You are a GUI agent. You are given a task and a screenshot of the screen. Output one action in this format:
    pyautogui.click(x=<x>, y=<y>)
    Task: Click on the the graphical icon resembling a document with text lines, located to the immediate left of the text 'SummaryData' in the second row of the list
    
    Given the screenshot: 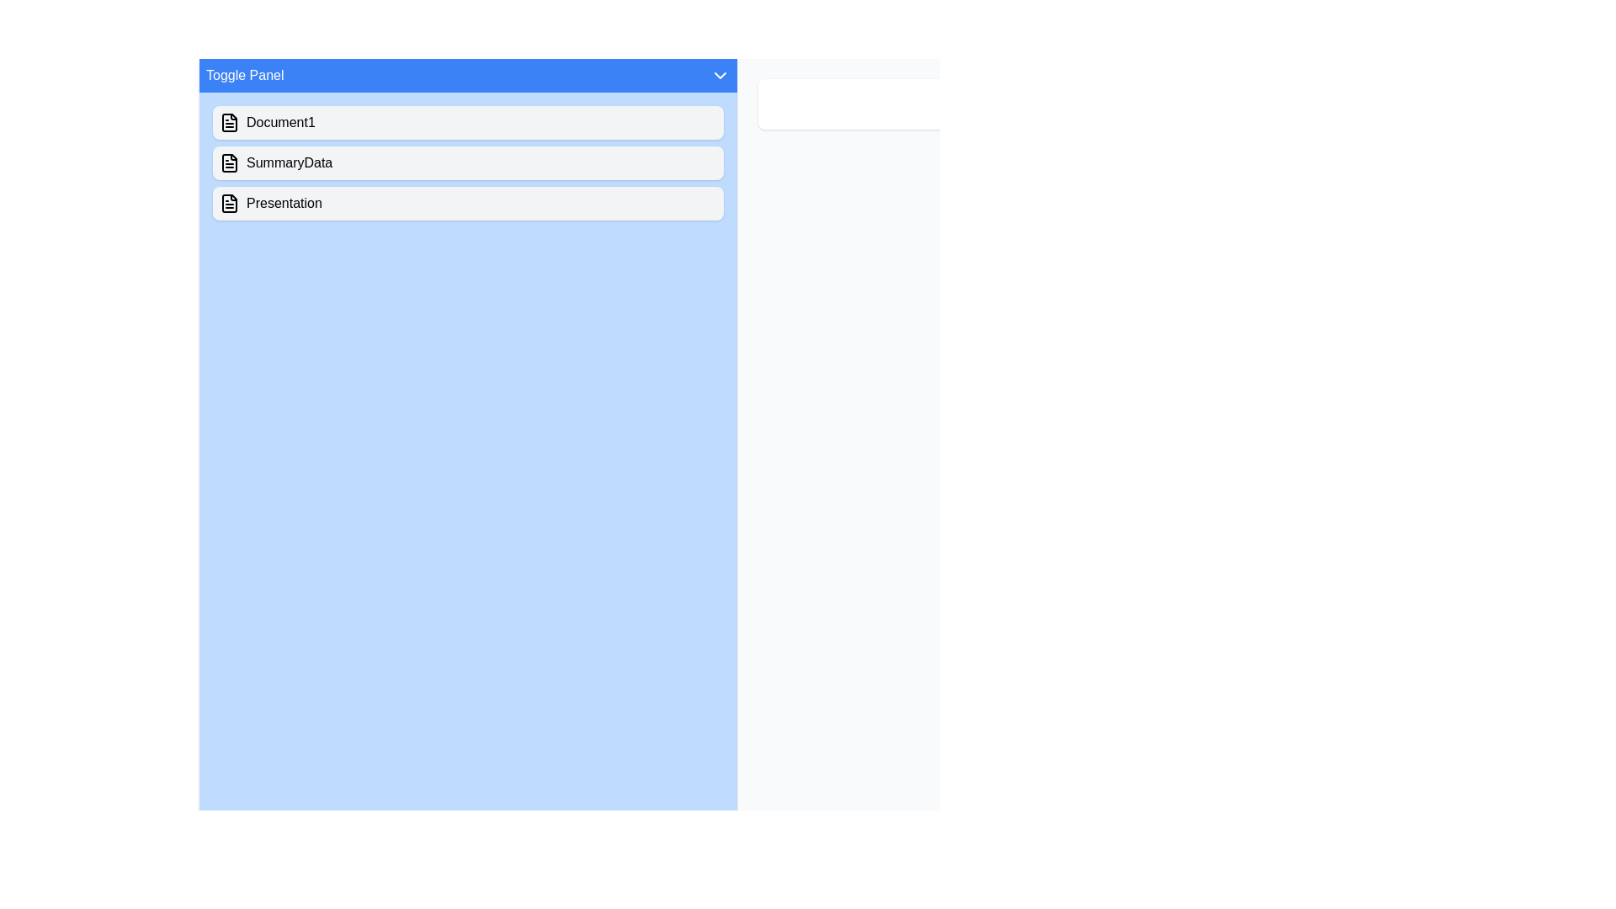 What is the action you would take?
    pyautogui.click(x=229, y=162)
    